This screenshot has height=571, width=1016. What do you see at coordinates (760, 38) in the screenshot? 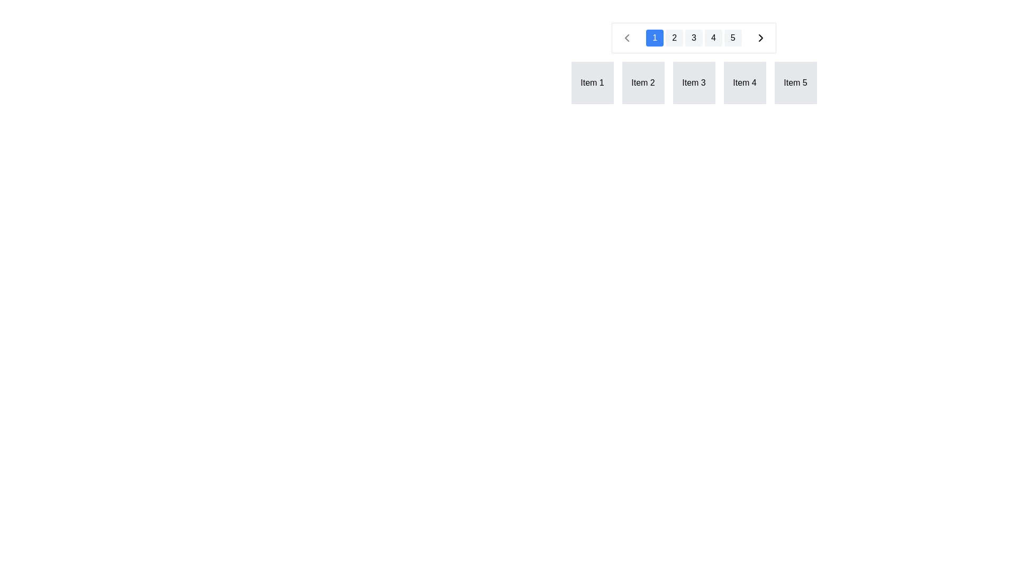
I see `the pagination button located at the far right of the control group, next to the '5' button` at bounding box center [760, 38].